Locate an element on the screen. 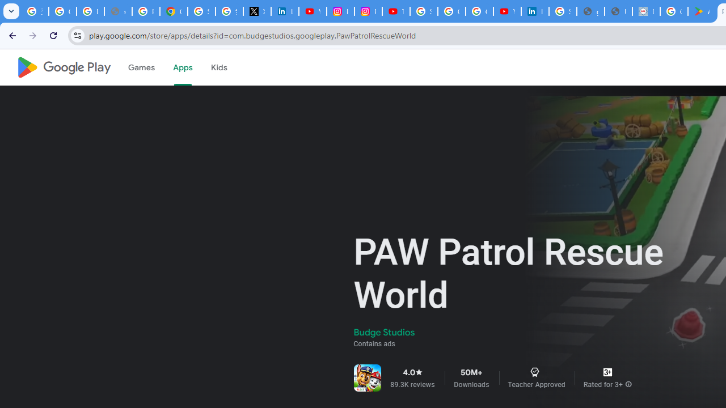 The height and width of the screenshot is (408, 726). 'Games' is located at coordinates (140, 67).